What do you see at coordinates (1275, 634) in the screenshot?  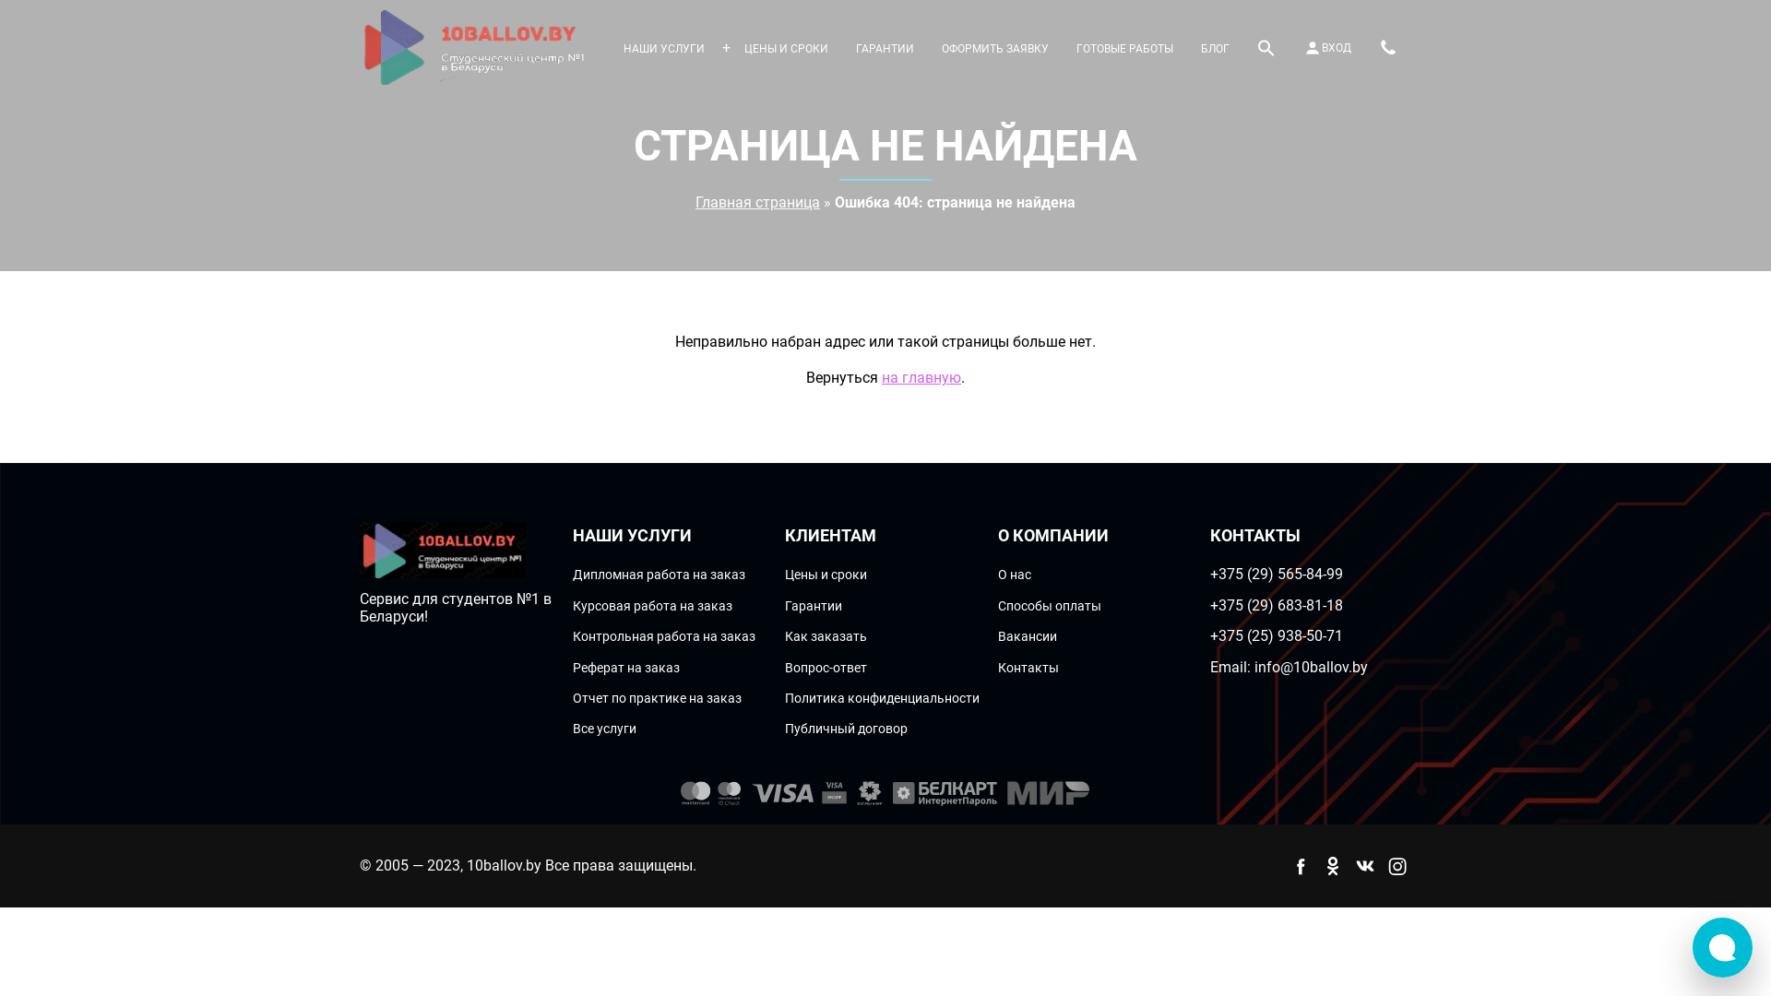 I see `'+375 (25) 938-50-71'` at bounding box center [1275, 634].